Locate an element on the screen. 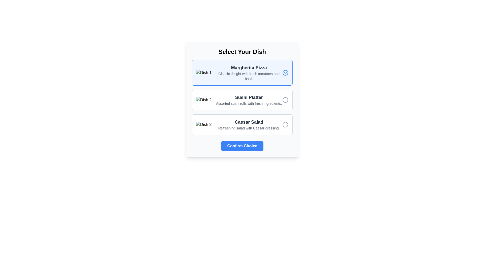 The width and height of the screenshot is (484, 272). the 'Sushi Platter' option in the selectable list of dishes, which is the second element in the vertical arrangement is located at coordinates (249, 100).